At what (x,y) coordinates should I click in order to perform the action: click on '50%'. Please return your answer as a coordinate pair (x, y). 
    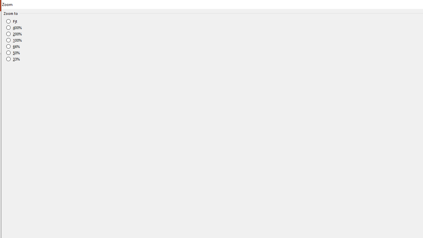
    Looking at the image, I should click on (13, 52).